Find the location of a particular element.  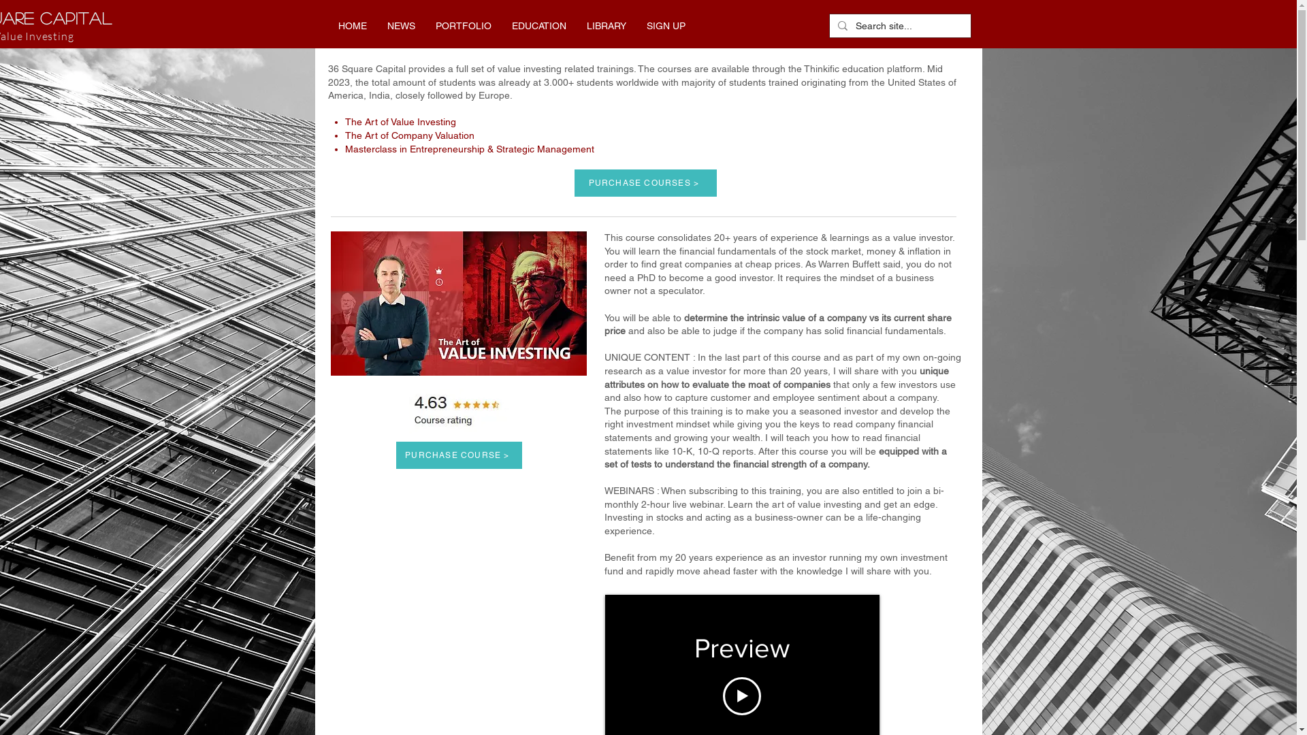

'NEWS' is located at coordinates (400, 26).